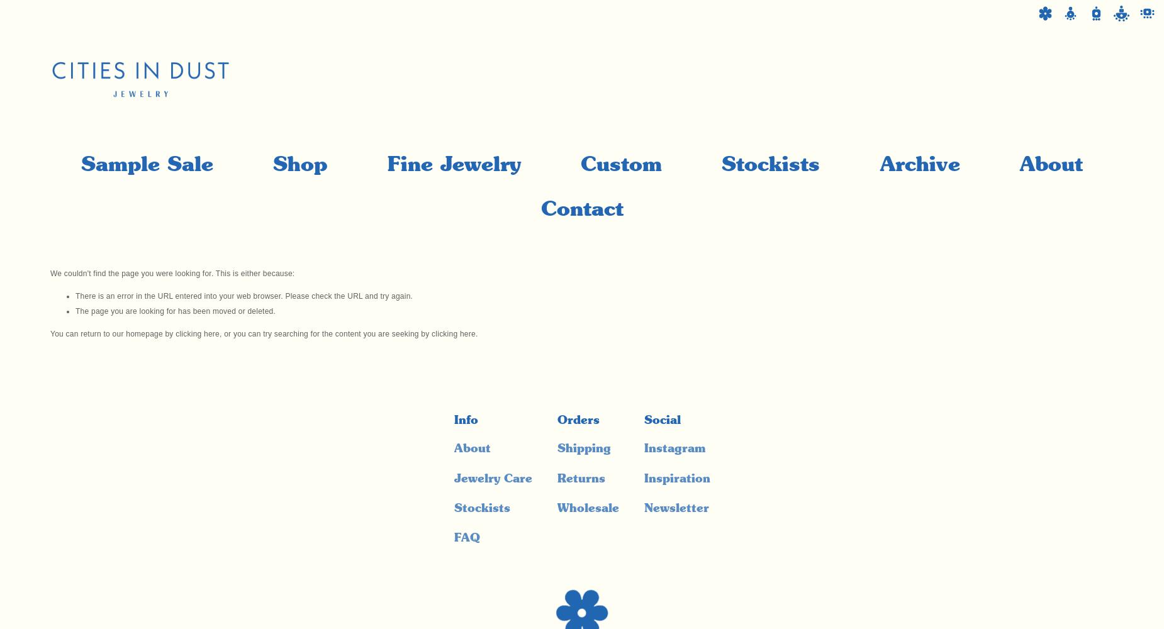 This screenshot has width=1164, height=629. Describe the element at coordinates (557, 508) in the screenshot. I see `'Wholesale'` at that location.